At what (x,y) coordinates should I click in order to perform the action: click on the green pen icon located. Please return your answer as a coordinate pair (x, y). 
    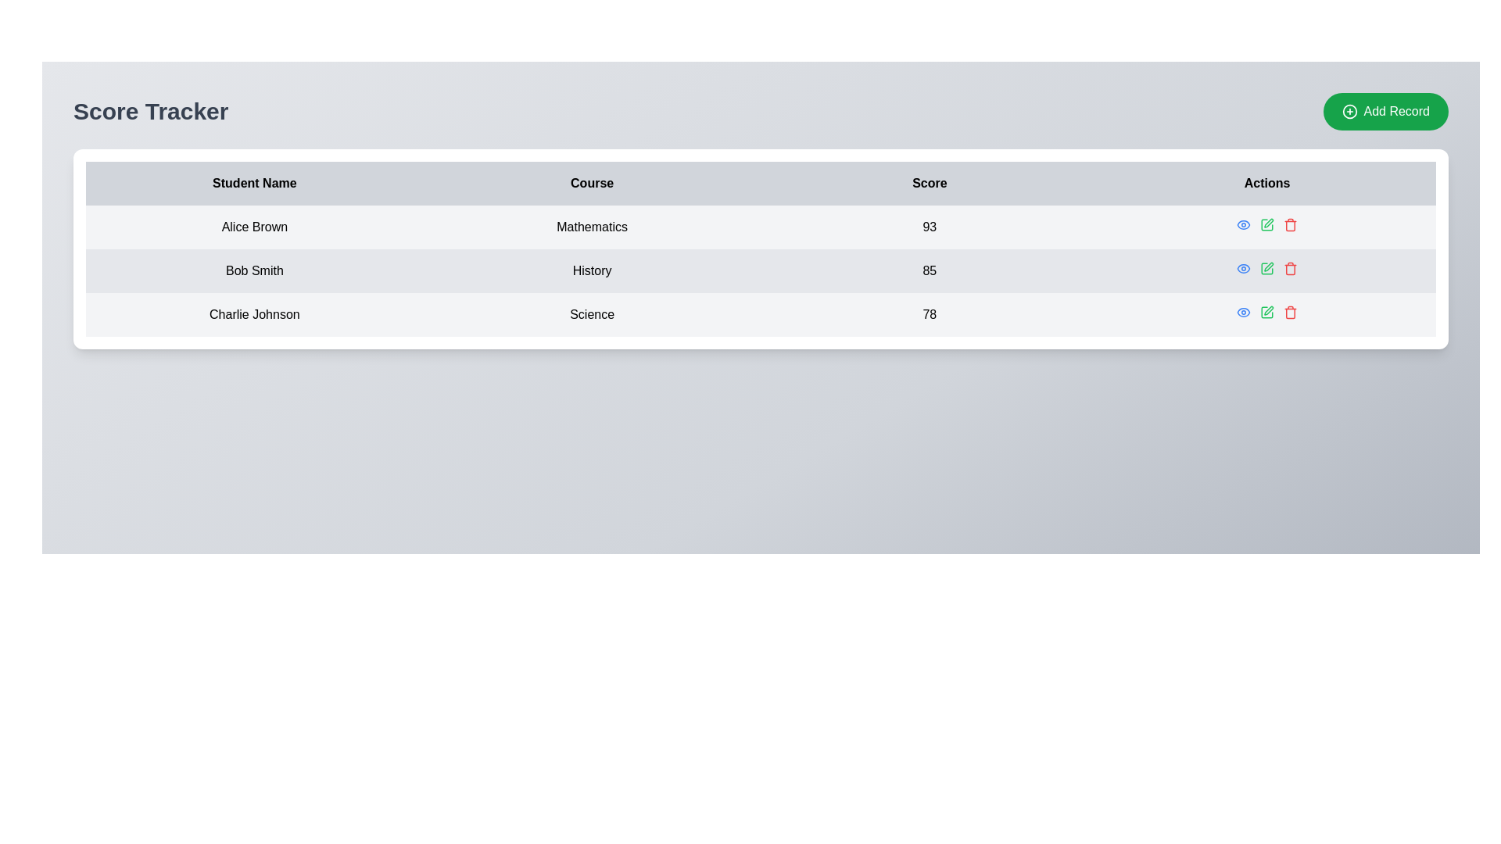
    Looking at the image, I should click on (1267, 313).